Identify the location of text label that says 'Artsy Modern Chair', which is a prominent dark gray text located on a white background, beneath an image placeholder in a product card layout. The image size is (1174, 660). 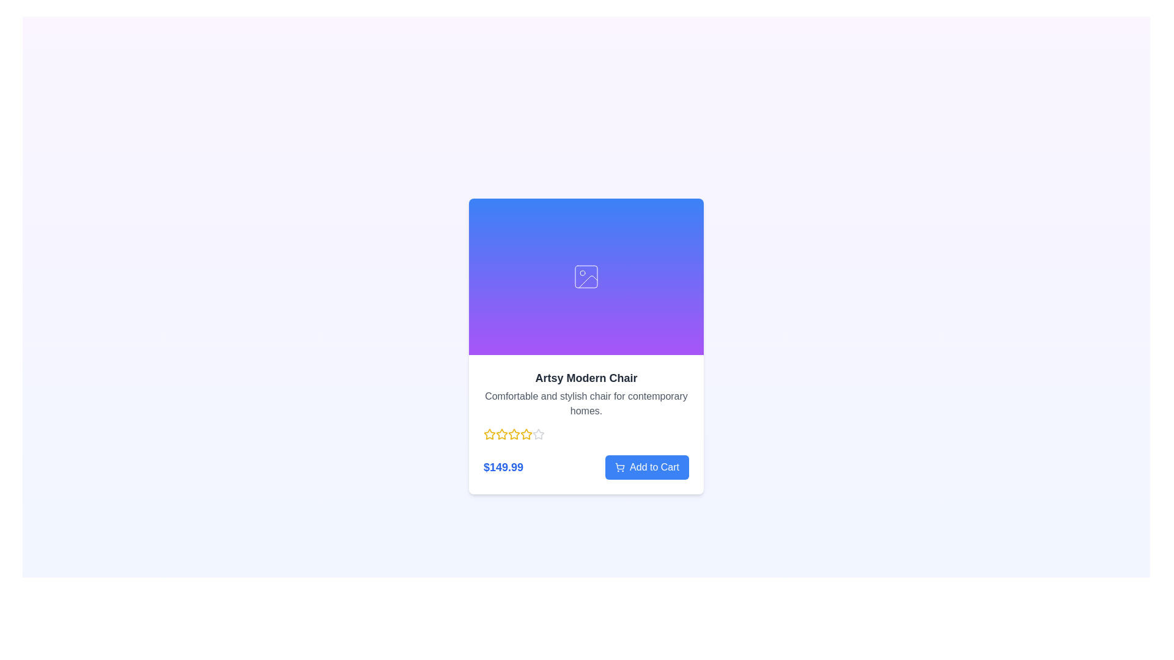
(586, 377).